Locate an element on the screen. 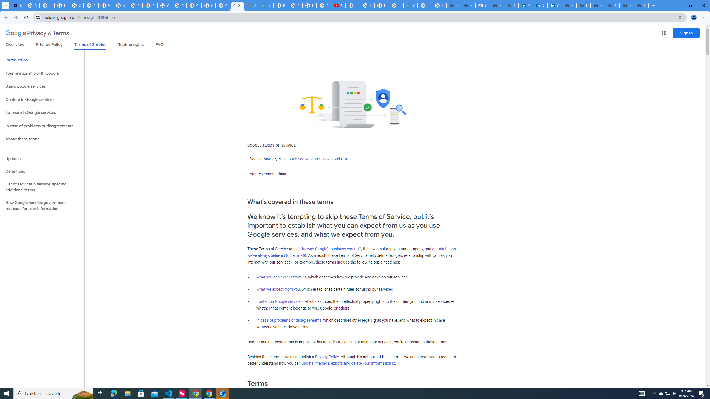  'New Tab' is located at coordinates (641, 5).